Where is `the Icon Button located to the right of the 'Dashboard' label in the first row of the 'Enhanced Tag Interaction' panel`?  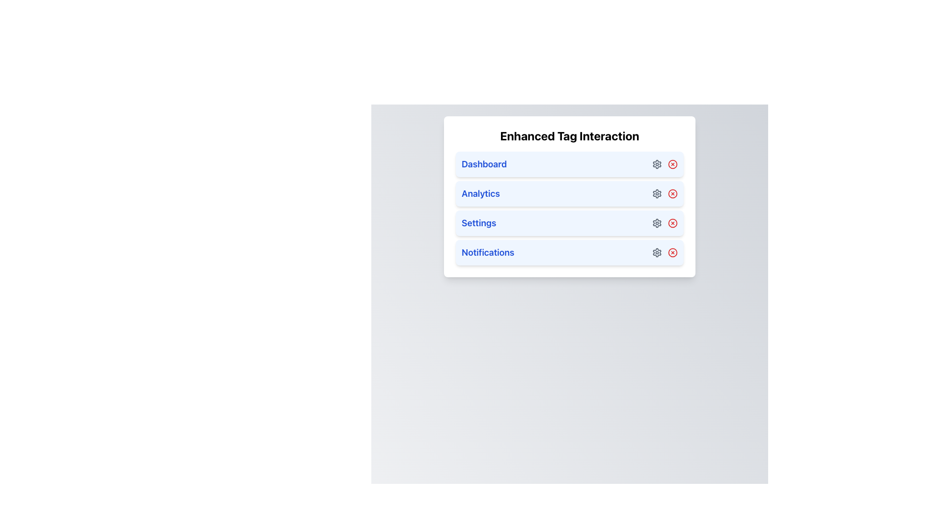
the Icon Button located to the right of the 'Dashboard' label in the first row of the 'Enhanced Tag Interaction' panel is located at coordinates (657, 164).